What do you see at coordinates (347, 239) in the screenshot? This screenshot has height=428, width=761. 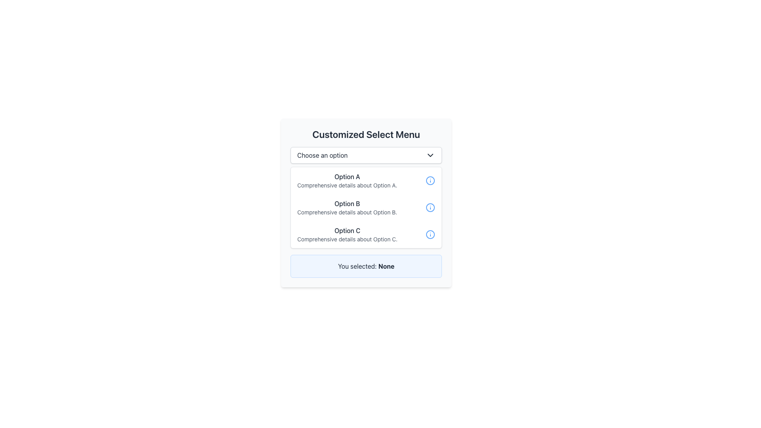 I see `the descriptive text label located directly below the title 'Option C', which provides additional information for the third option in the list` at bounding box center [347, 239].